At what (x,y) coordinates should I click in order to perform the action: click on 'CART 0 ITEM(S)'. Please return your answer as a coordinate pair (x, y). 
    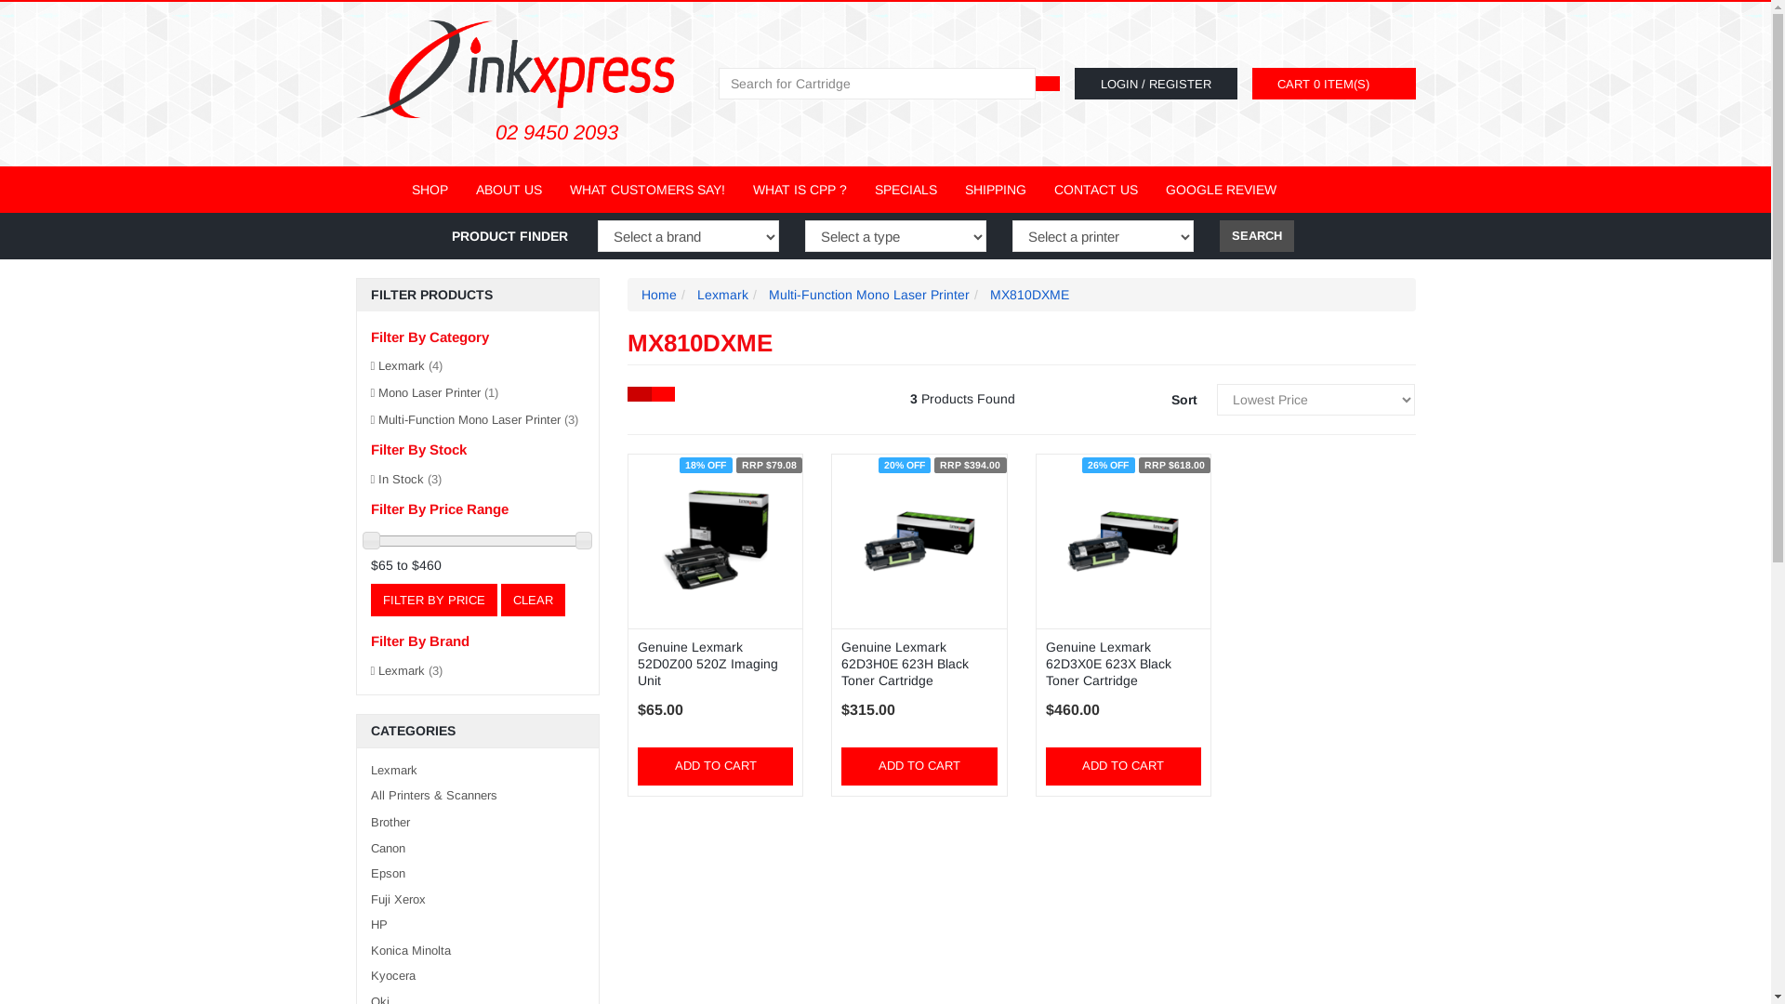
    Looking at the image, I should click on (1252, 82).